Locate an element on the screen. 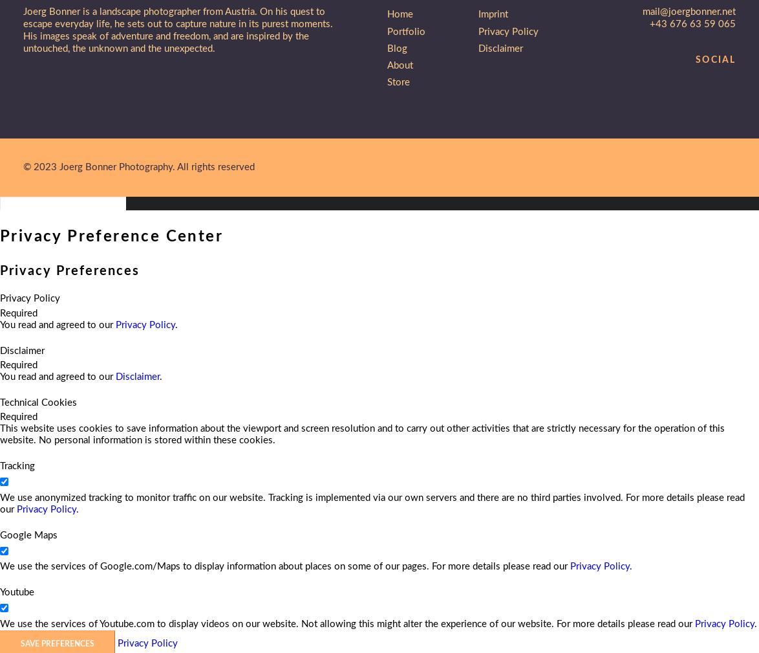 This screenshot has width=759, height=653. '+43 676 63 59 065' is located at coordinates (692, 23).